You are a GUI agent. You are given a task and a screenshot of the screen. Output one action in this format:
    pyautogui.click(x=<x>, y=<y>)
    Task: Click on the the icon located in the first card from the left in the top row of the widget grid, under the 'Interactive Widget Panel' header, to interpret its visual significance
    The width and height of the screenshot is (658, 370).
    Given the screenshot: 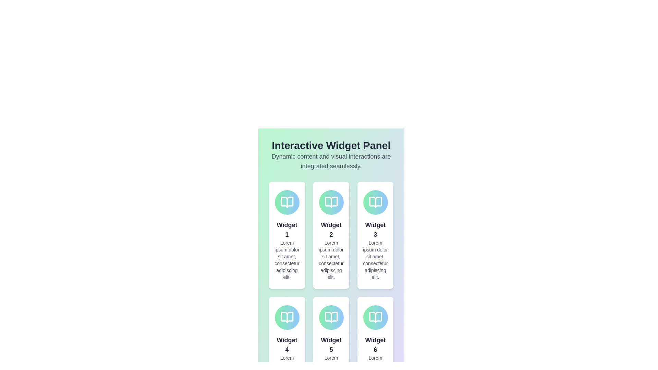 What is the action you would take?
    pyautogui.click(x=287, y=202)
    